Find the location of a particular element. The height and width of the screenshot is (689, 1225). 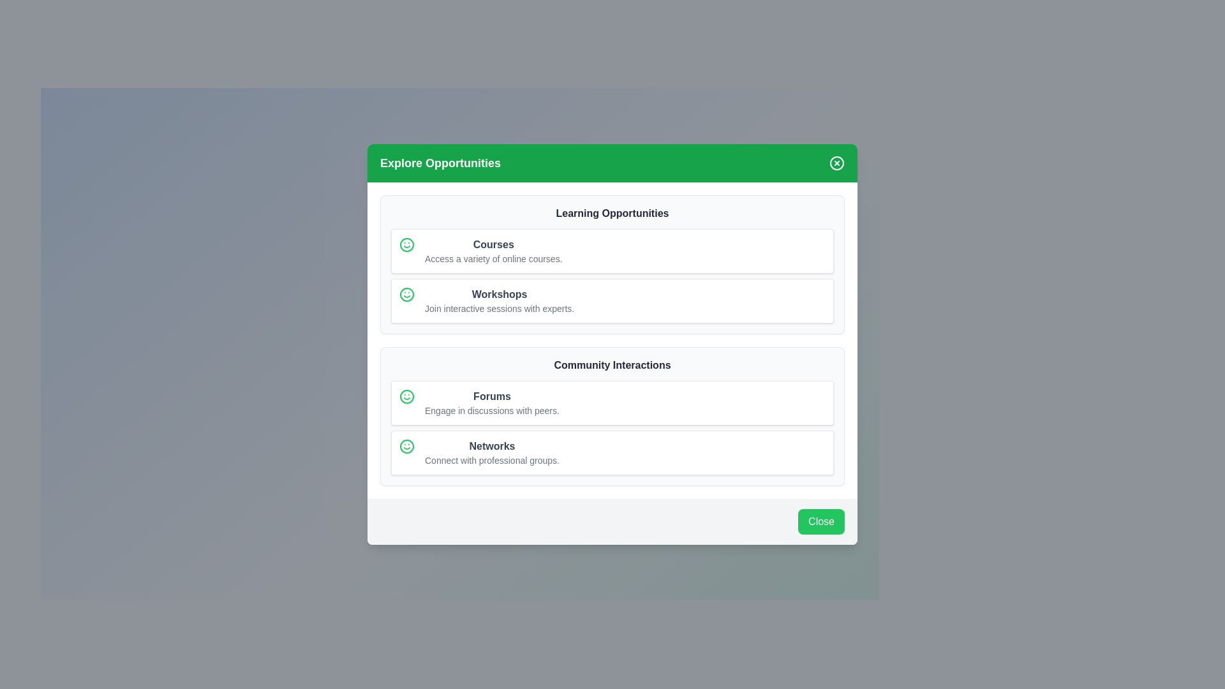

the 'Workshops' icon located on the left side of the 'Workshops' section, which serves as a visual indicator is located at coordinates (406, 295).